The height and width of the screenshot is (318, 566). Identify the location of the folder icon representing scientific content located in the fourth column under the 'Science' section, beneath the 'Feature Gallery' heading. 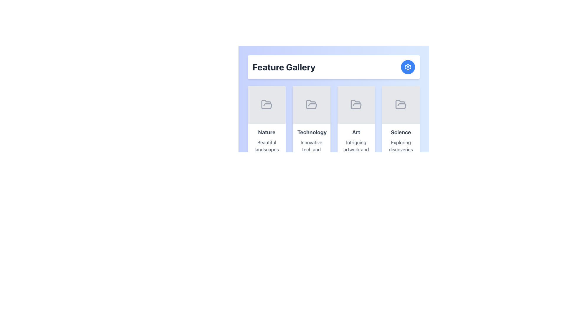
(401, 104).